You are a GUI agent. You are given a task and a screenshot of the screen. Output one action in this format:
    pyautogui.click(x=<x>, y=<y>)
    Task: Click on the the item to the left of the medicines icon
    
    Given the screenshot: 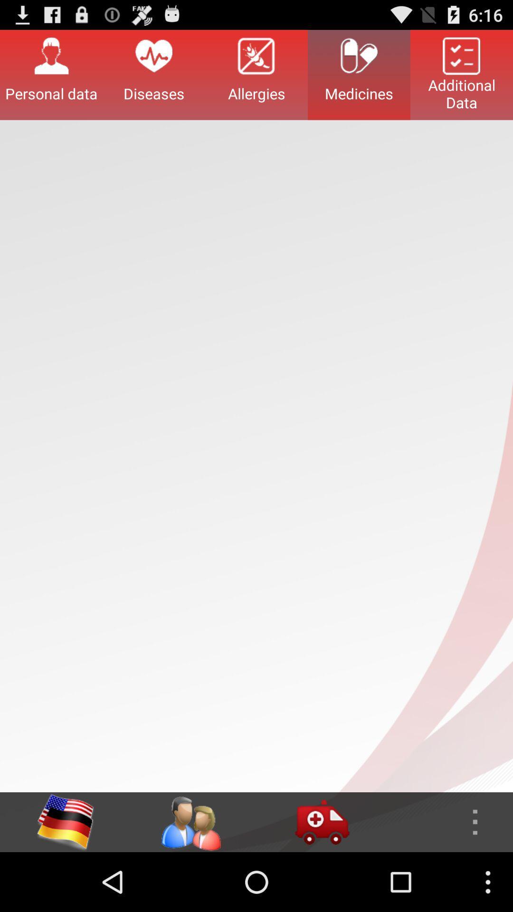 What is the action you would take?
    pyautogui.click(x=256, y=74)
    